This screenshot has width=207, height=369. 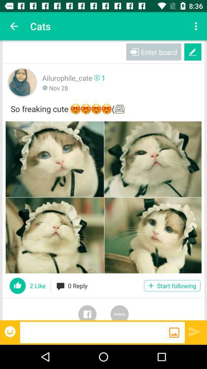 I want to click on expand picture, so click(x=103, y=197).